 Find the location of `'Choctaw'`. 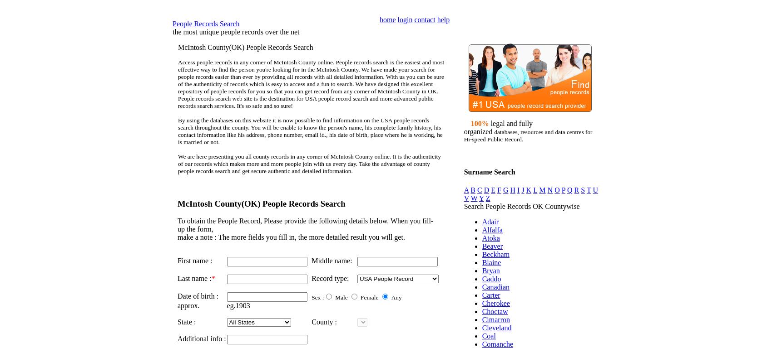

'Choctaw' is located at coordinates (481, 311).